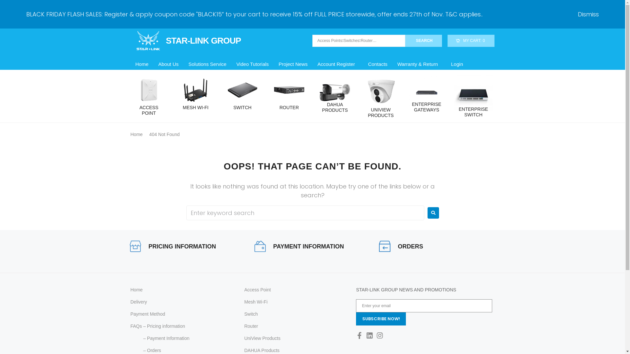 This screenshot has width=630, height=354. I want to click on 'Switch', so click(244, 314).